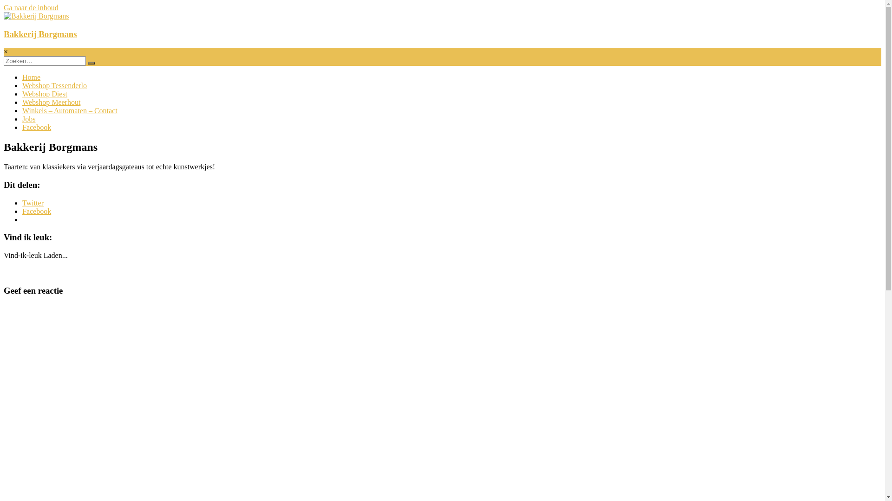  What do you see at coordinates (91, 63) in the screenshot?
I see `'Zoeken'` at bounding box center [91, 63].